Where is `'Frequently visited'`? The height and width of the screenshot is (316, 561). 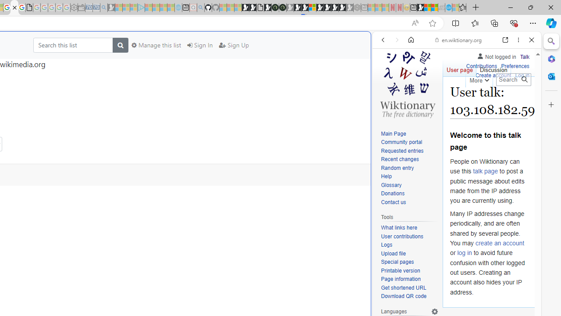
'Frequently visited' is located at coordinates (183, 116).